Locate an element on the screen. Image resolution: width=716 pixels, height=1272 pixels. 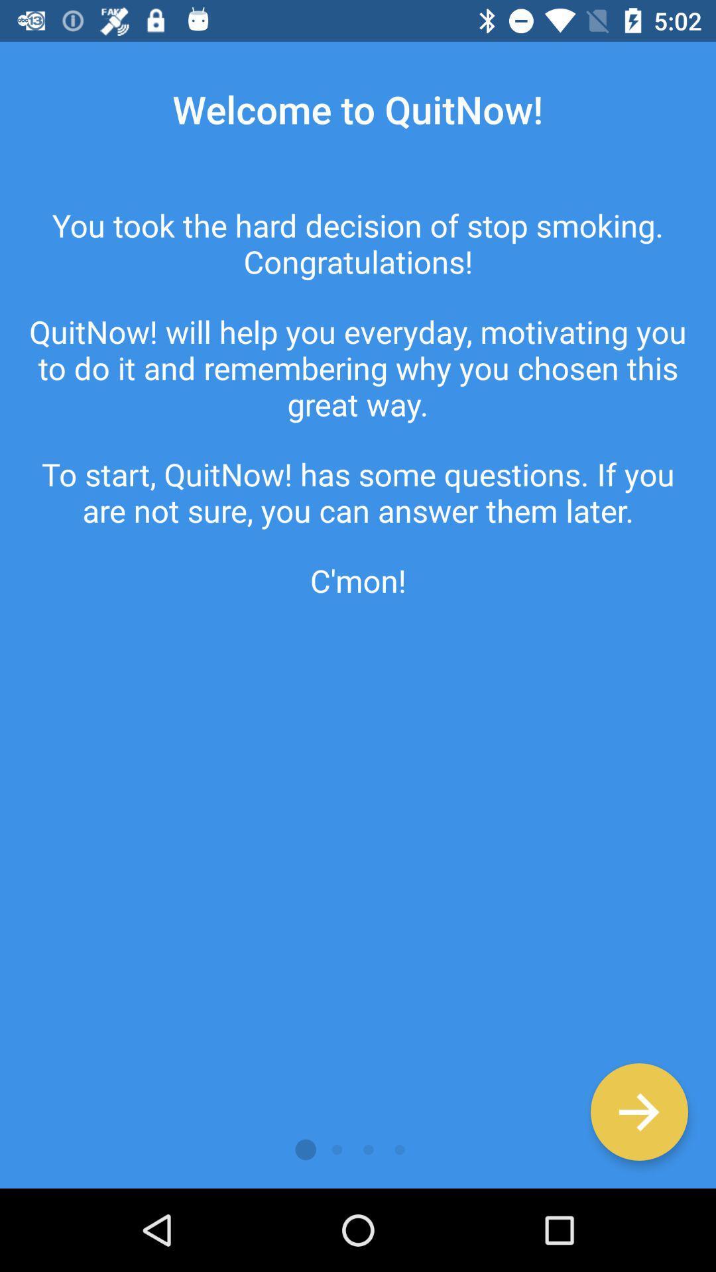
go next is located at coordinates (638, 1112).